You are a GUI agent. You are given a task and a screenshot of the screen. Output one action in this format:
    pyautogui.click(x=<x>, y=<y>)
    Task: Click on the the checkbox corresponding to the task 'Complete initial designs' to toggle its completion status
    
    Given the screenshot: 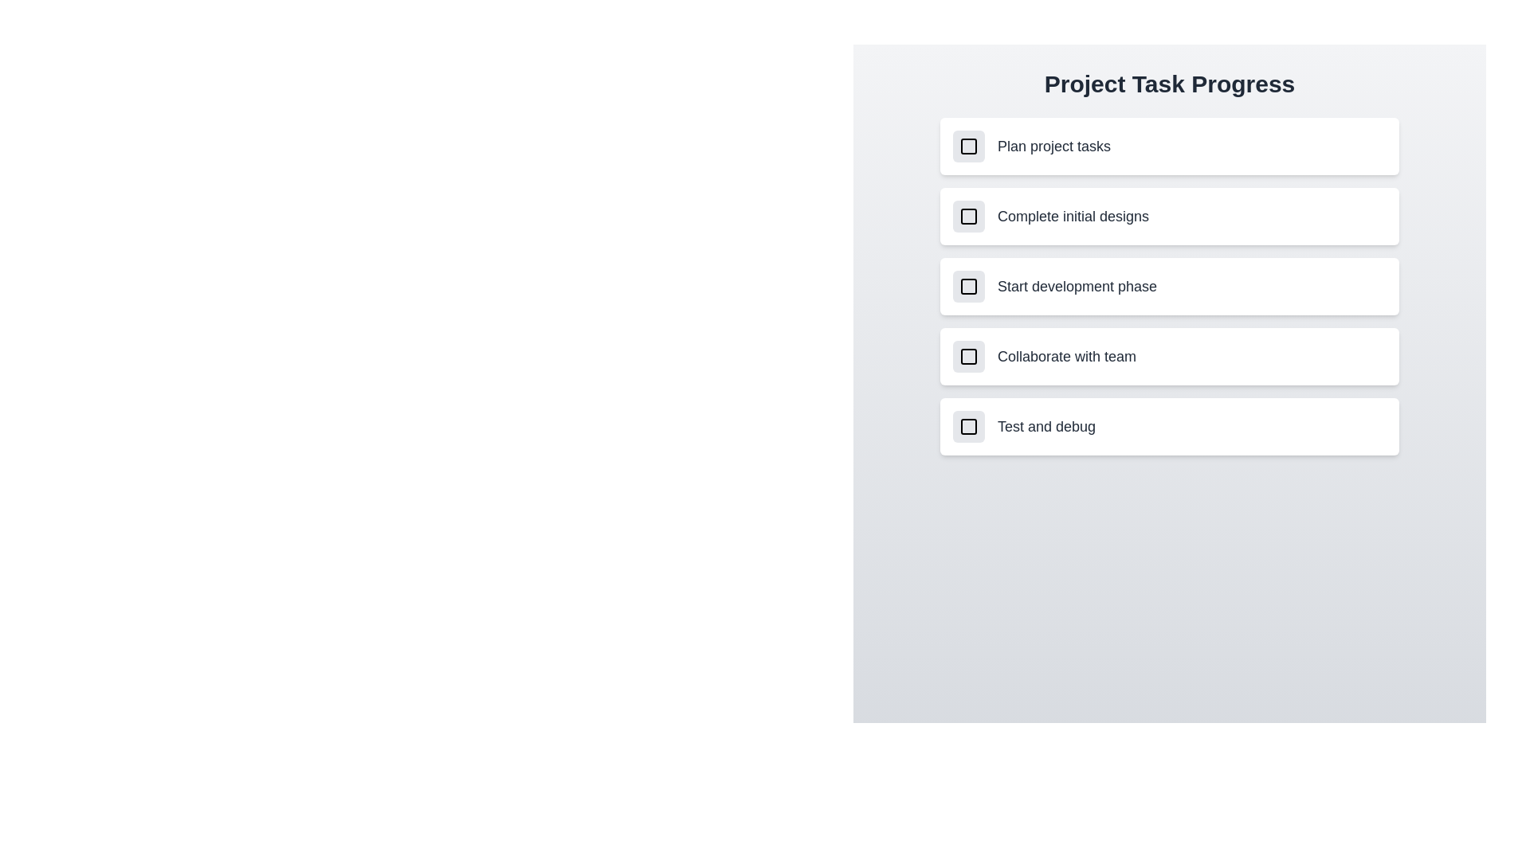 What is the action you would take?
    pyautogui.click(x=967, y=217)
    